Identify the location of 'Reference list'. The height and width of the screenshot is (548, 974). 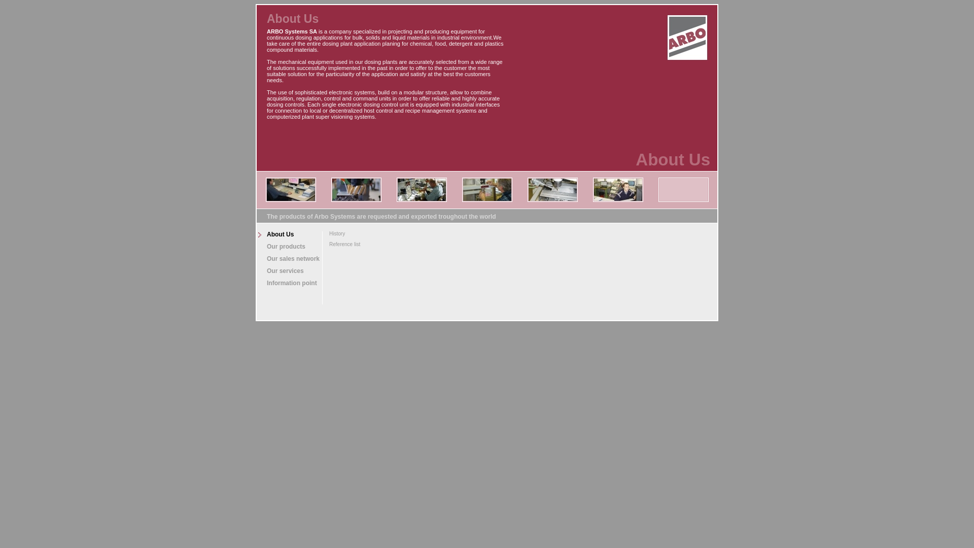
(322, 244).